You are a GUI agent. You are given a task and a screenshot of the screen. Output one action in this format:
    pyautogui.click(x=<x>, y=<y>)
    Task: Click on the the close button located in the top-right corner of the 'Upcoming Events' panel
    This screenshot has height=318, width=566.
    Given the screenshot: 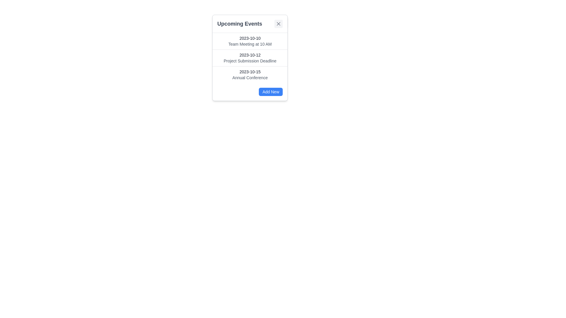 What is the action you would take?
    pyautogui.click(x=278, y=24)
    